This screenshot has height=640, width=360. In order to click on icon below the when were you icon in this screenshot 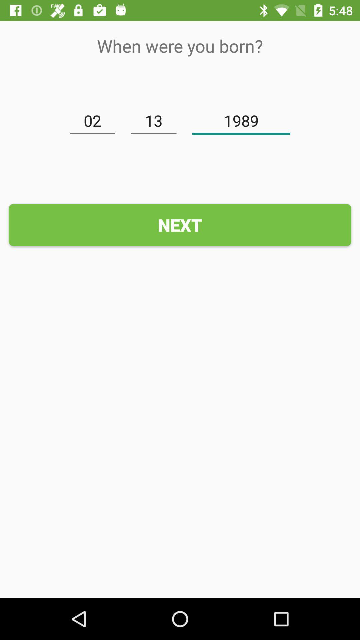, I will do `click(92, 121)`.